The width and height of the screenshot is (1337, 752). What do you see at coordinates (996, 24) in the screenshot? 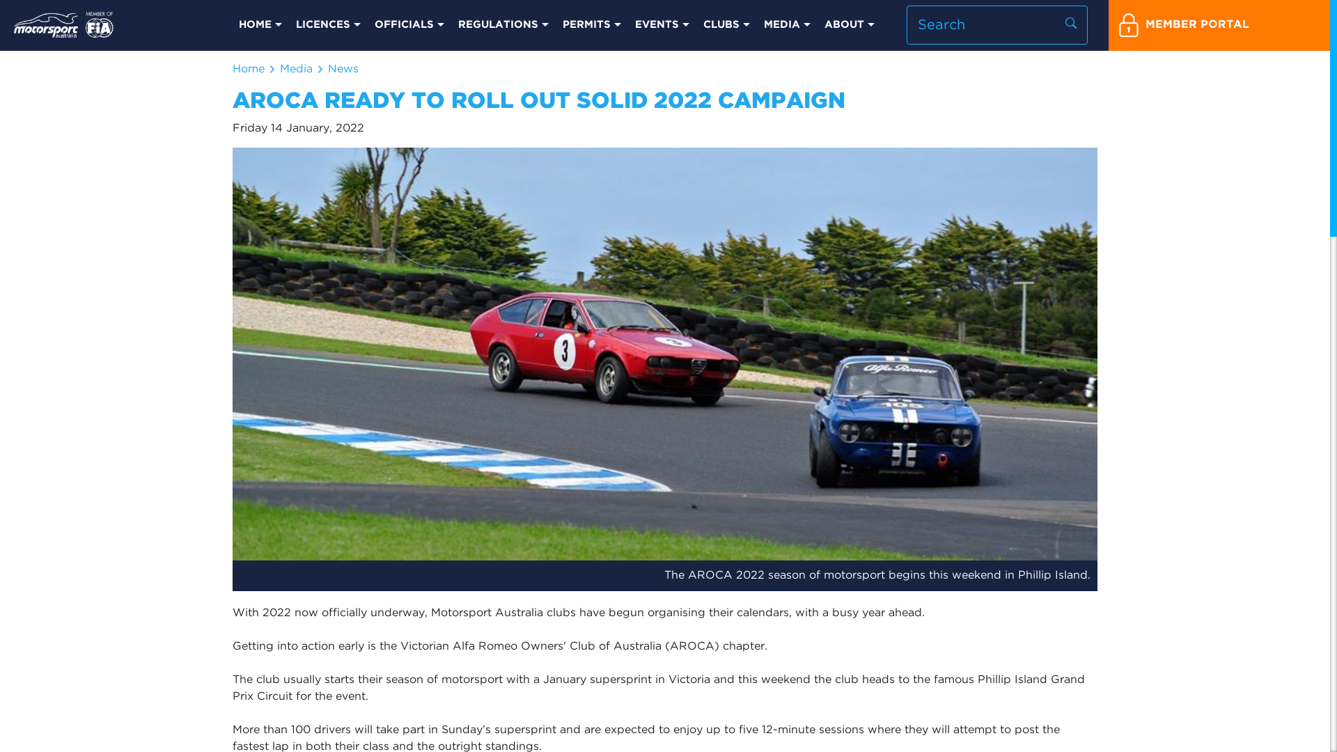
I see `'Search input'` at bounding box center [996, 24].